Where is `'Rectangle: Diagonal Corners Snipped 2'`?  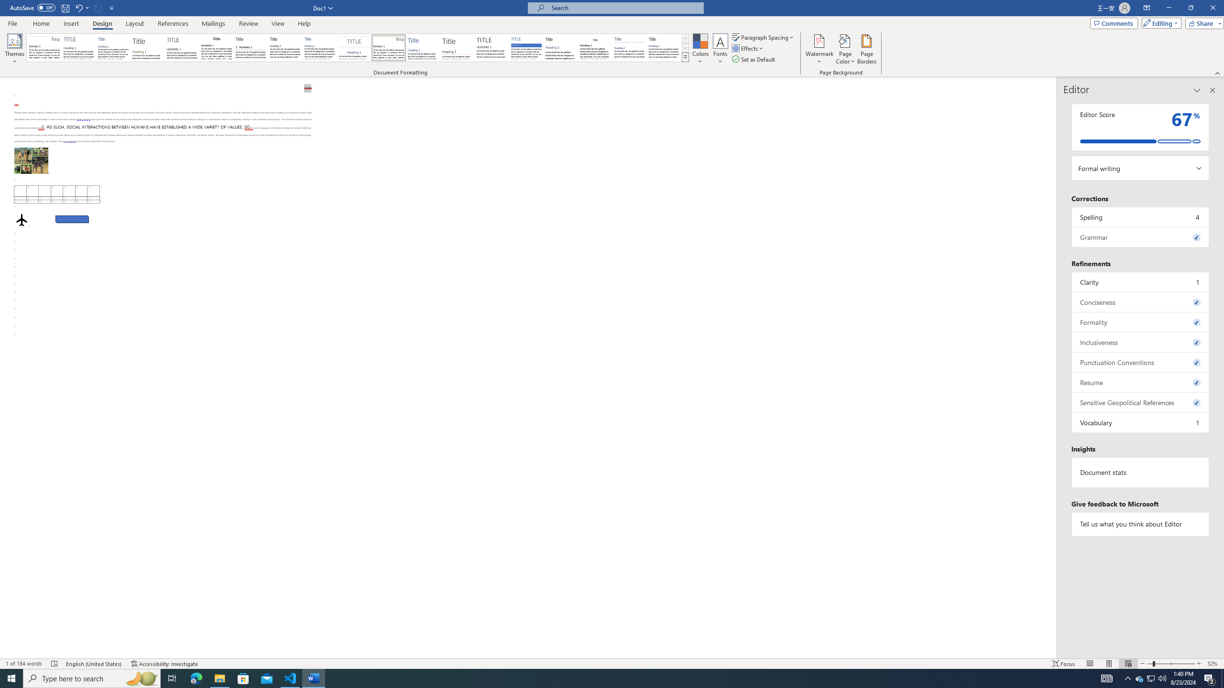 'Rectangle: Diagonal Corners Snipped 2' is located at coordinates (72, 218).